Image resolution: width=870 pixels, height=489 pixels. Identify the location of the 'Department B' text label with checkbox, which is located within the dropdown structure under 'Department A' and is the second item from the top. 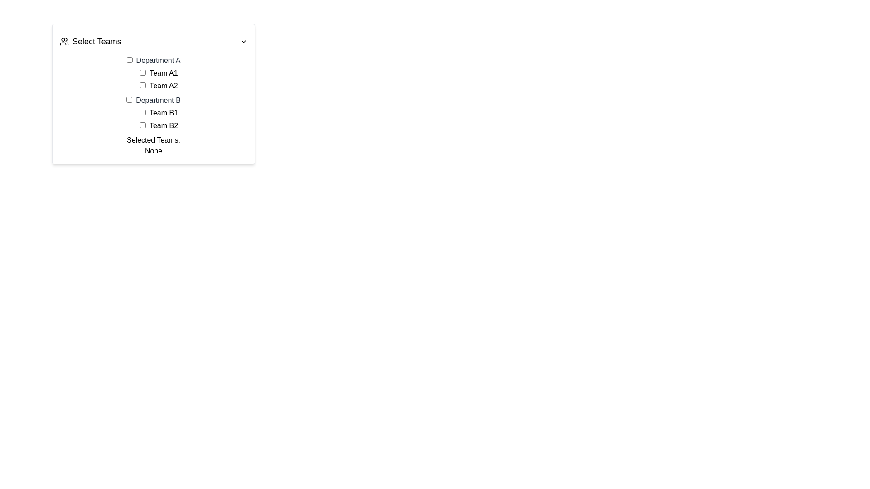
(154, 101).